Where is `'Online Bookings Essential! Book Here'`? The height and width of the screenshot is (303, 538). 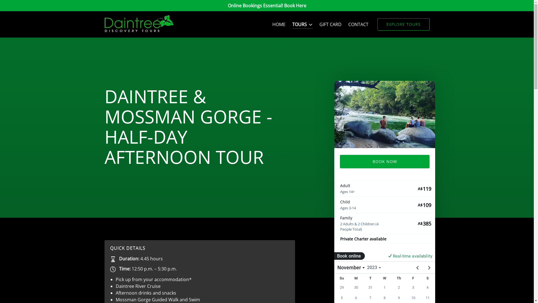
'Online Bookings Essential! Book Here' is located at coordinates (266, 5).